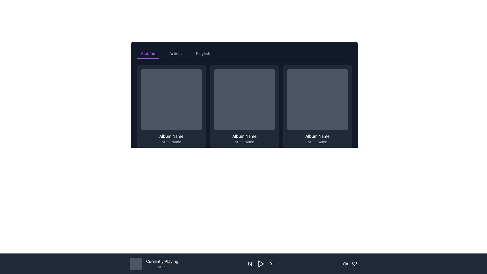 Image resolution: width=487 pixels, height=274 pixels. What do you see at coordinates (250, 264) in the screenshot?
I see `the leftmost button in the bottom playback control panel to skip backward during media playback` at bounding box center [250, 264].